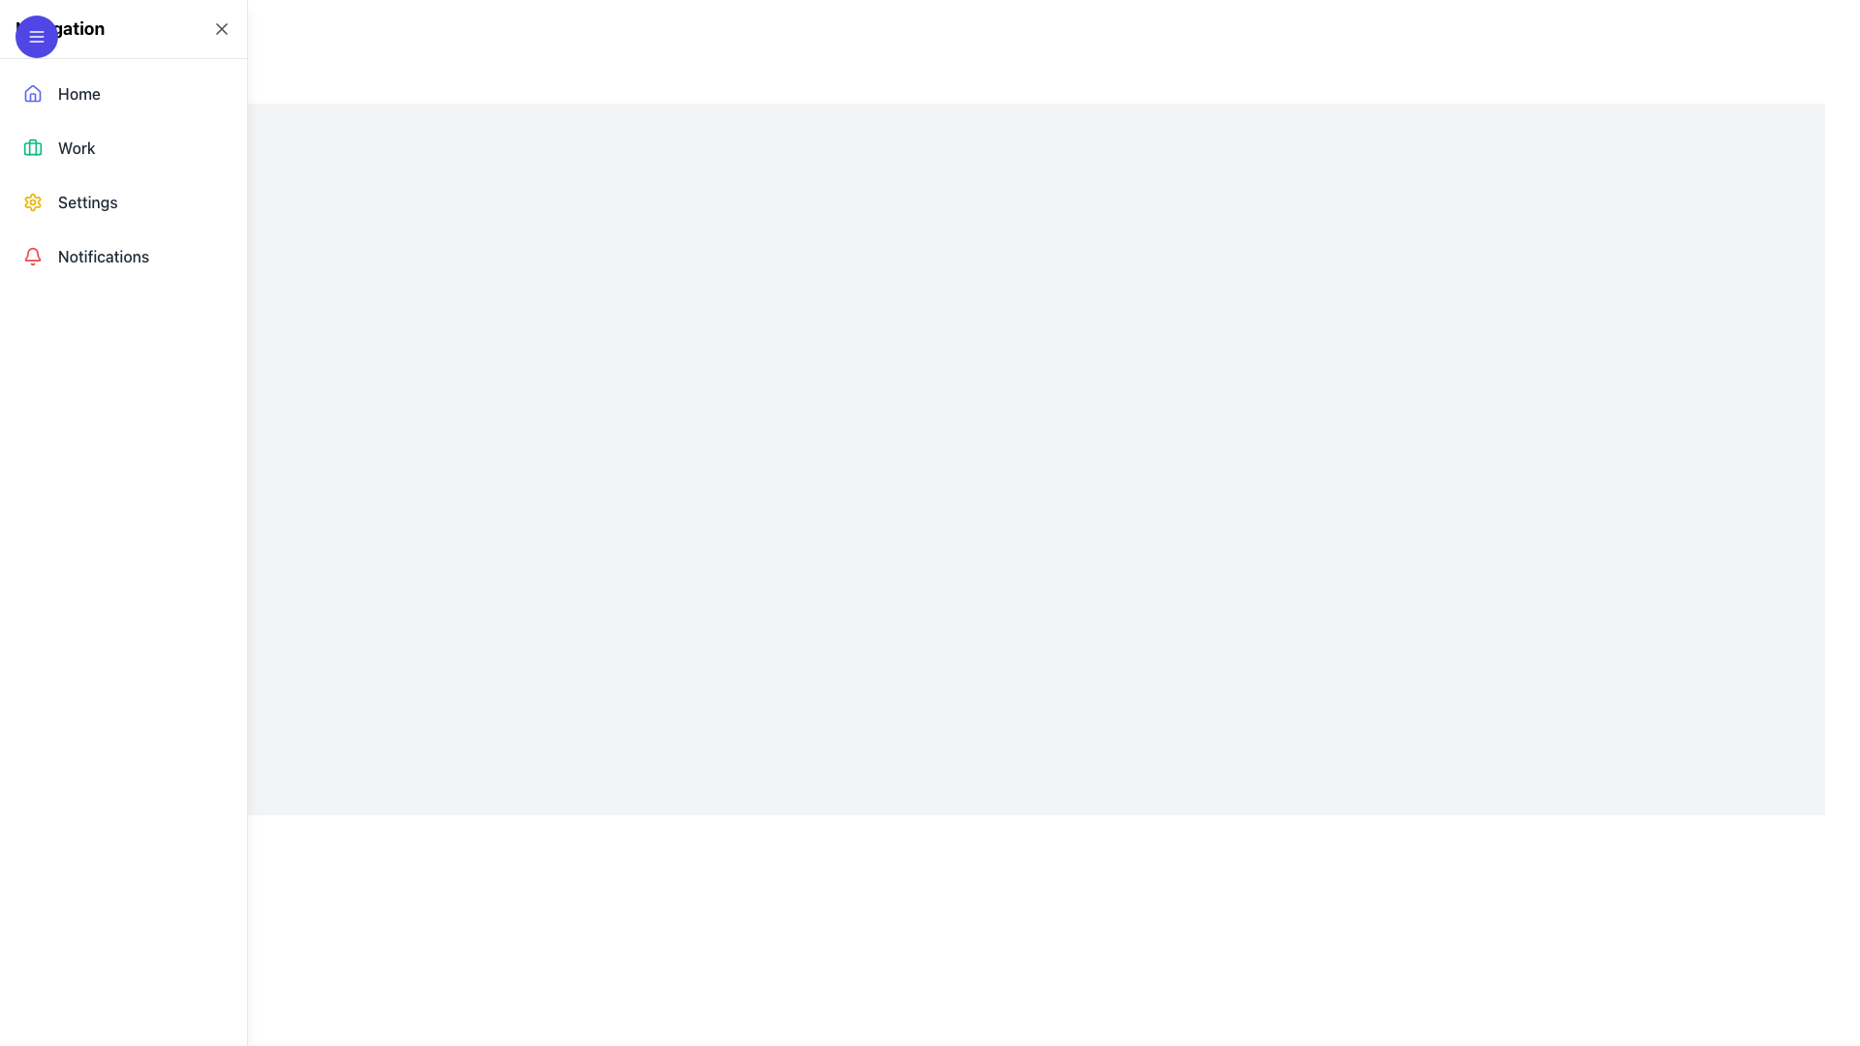  What do you see at coordinates (122, 147) in the screenshot?
I see `the second menu item in the vertical navigation menu, which directs the user to the 'Work' section, located below 'Home' and above 'Settings'` at bounding box center [122, 147].